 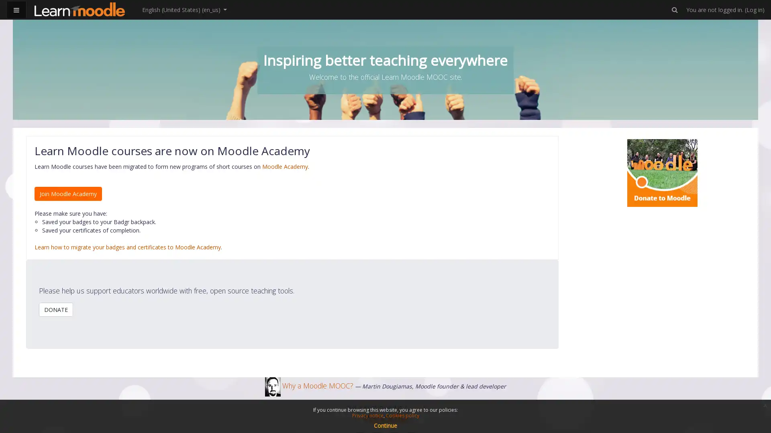 What do you see at coordinates (675, 10) in the screenshot?
I see `Toggle search input` at bounding box center [675, 10].